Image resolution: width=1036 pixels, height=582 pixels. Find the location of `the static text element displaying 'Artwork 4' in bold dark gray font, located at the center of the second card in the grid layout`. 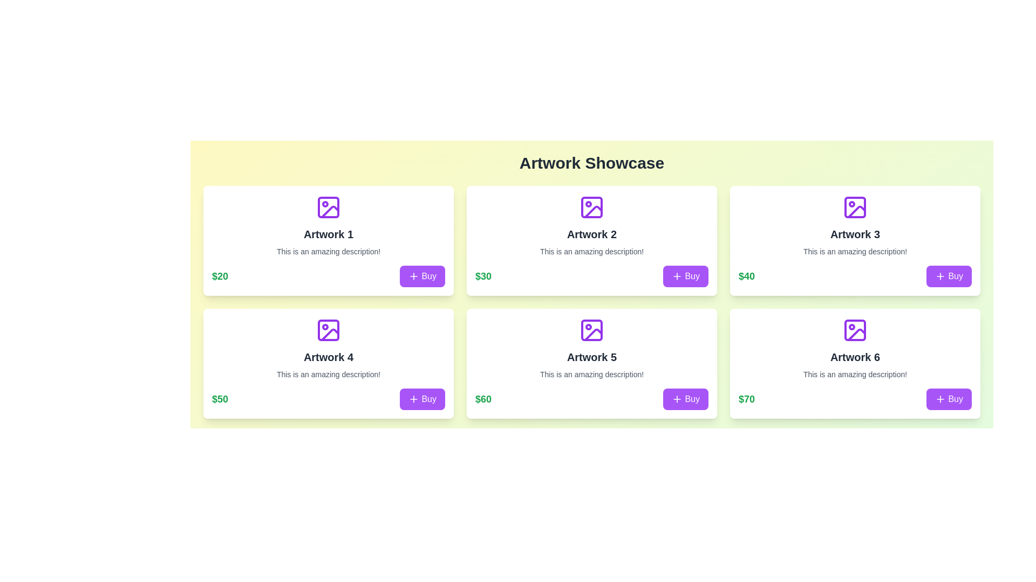

the static text element displaying 'Artwork 4' in bold dark gray font, located at the center of the second card in the grid layout is located at coordinates (328, 357).